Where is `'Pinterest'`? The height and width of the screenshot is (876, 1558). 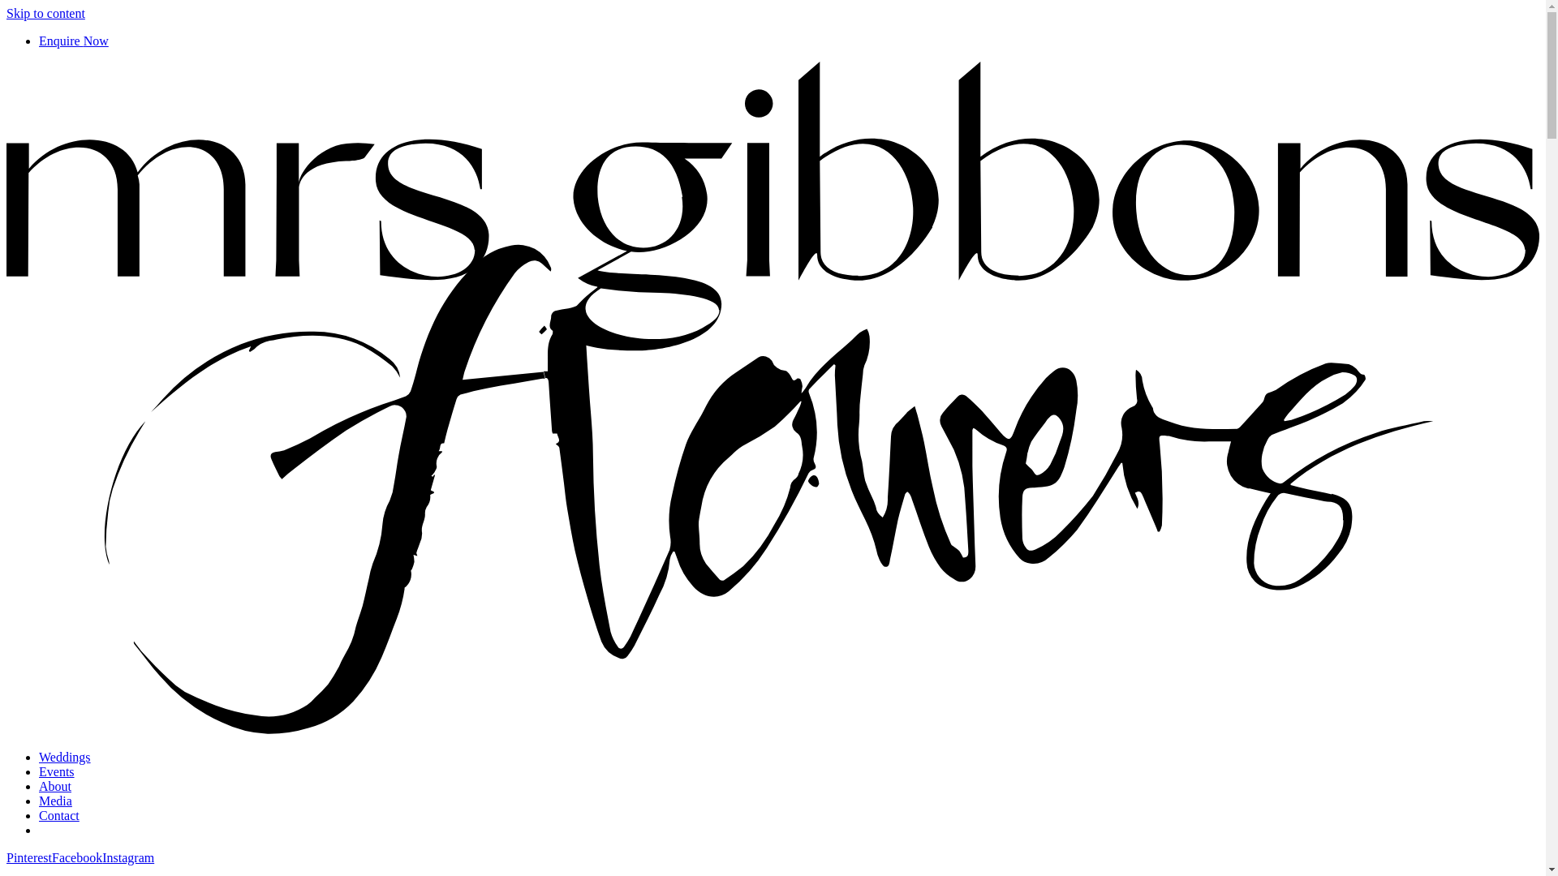
'Pinterest' is located at coordinates (28, 857).